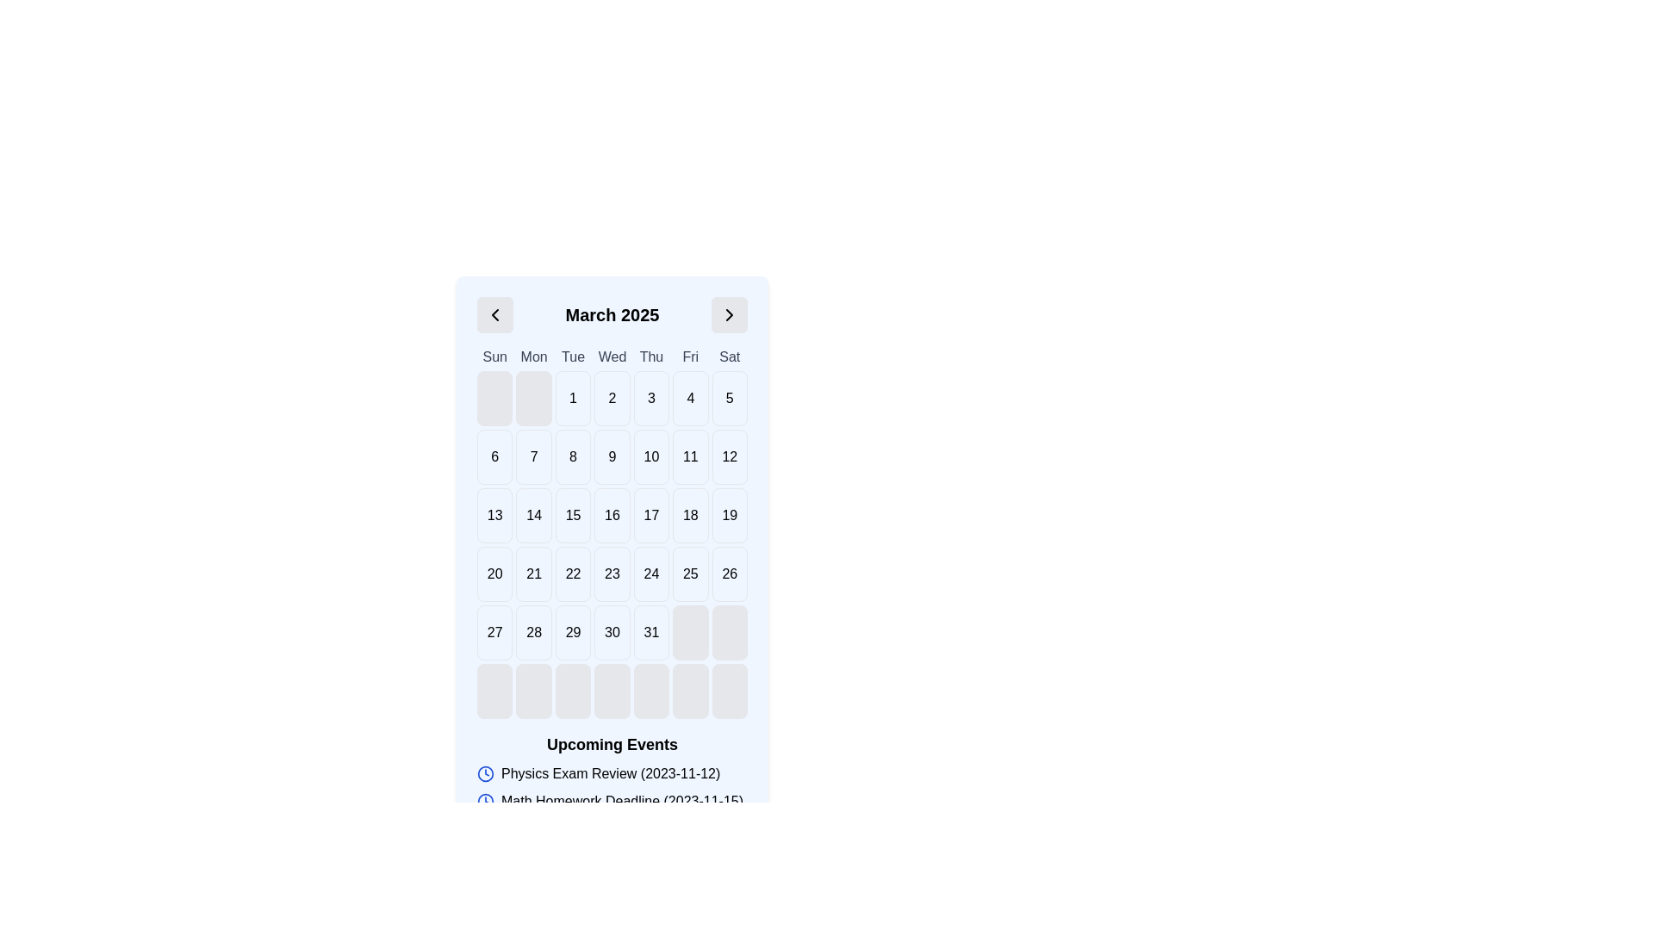 The width and height of the screenshot is (1654, 930). What do you see at coordinates (729, 315) in the screenshot?
I see `the rightward arrow icon button located near the top-right corner of the calendar interface` at bounding box center [729, 315].